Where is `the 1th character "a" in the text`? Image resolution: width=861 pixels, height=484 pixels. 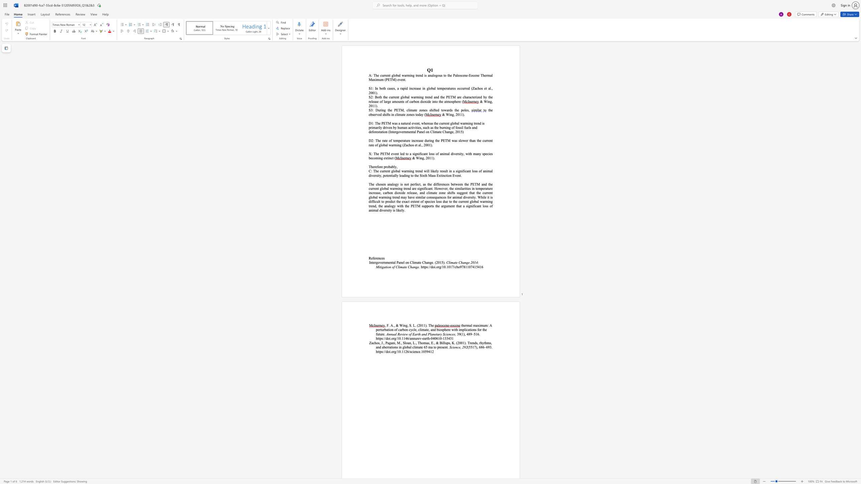
the 1th character "a" in the text is located at coordinates (402, 114).